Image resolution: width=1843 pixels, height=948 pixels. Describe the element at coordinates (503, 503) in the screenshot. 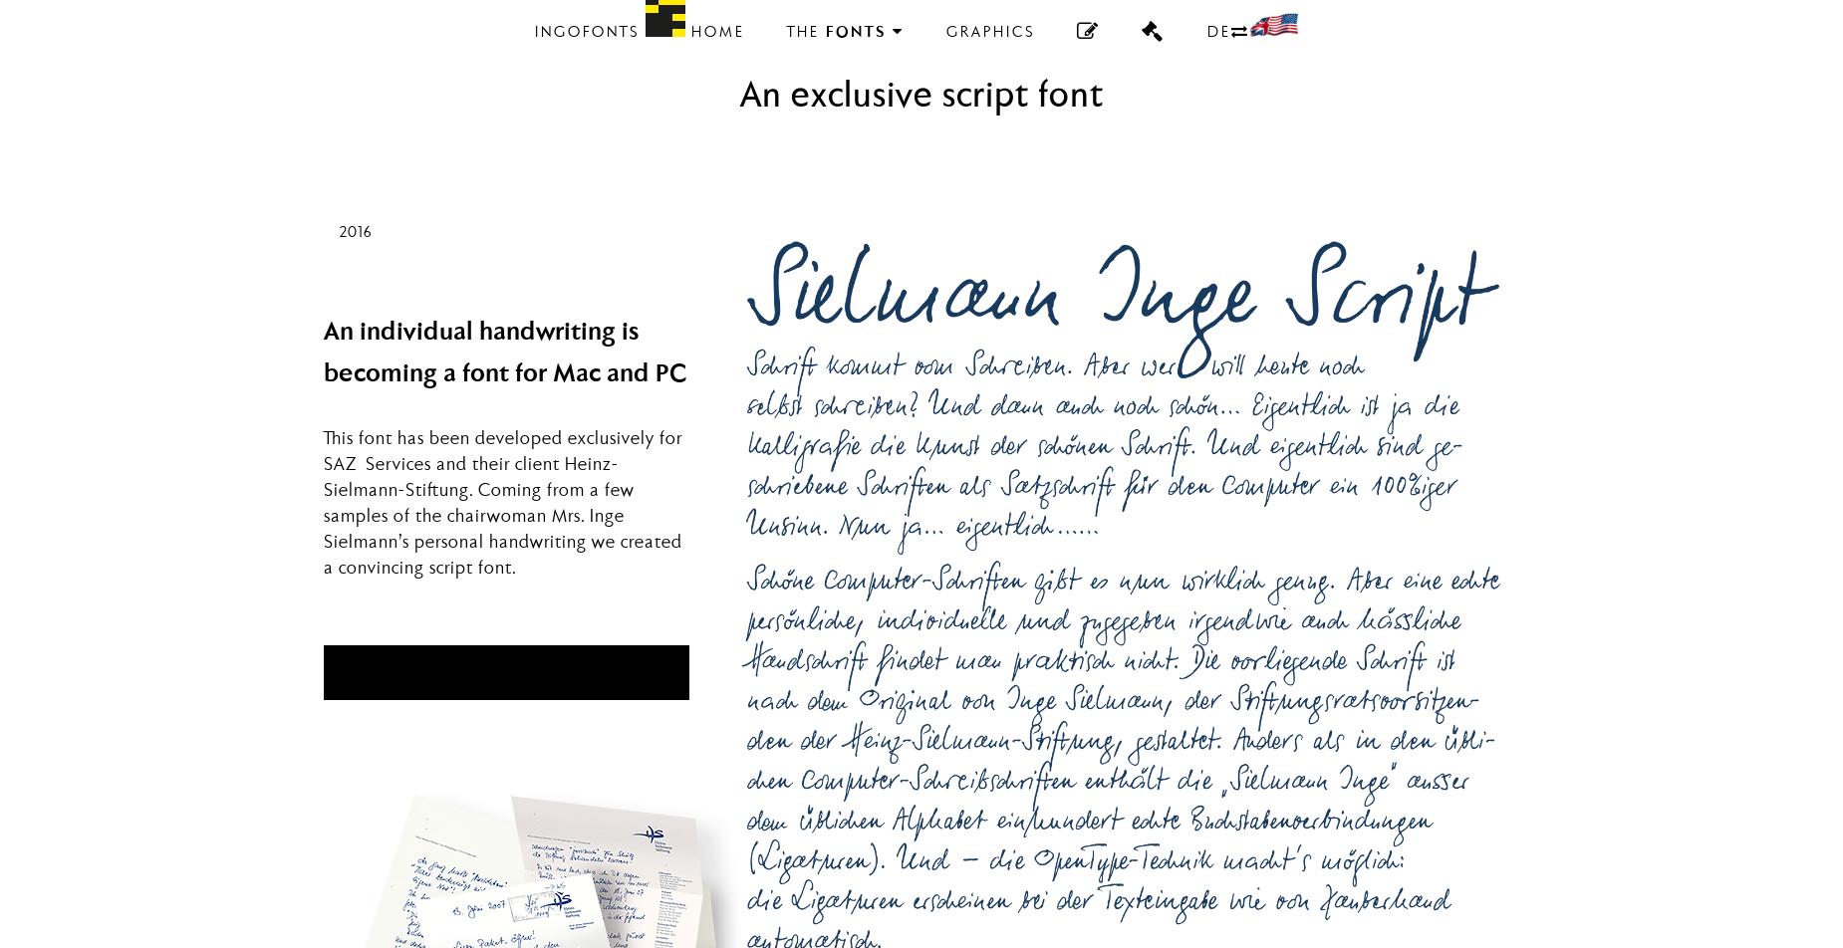

I see `'This font has been developed exclusively for SAZ Services and their client Heinz-Sielmann-Stiftung. Coming from a few samples of the chairwoman Mrs. Inge Sielmann’s personal handwriting we created a convincing script font.'` at that location.